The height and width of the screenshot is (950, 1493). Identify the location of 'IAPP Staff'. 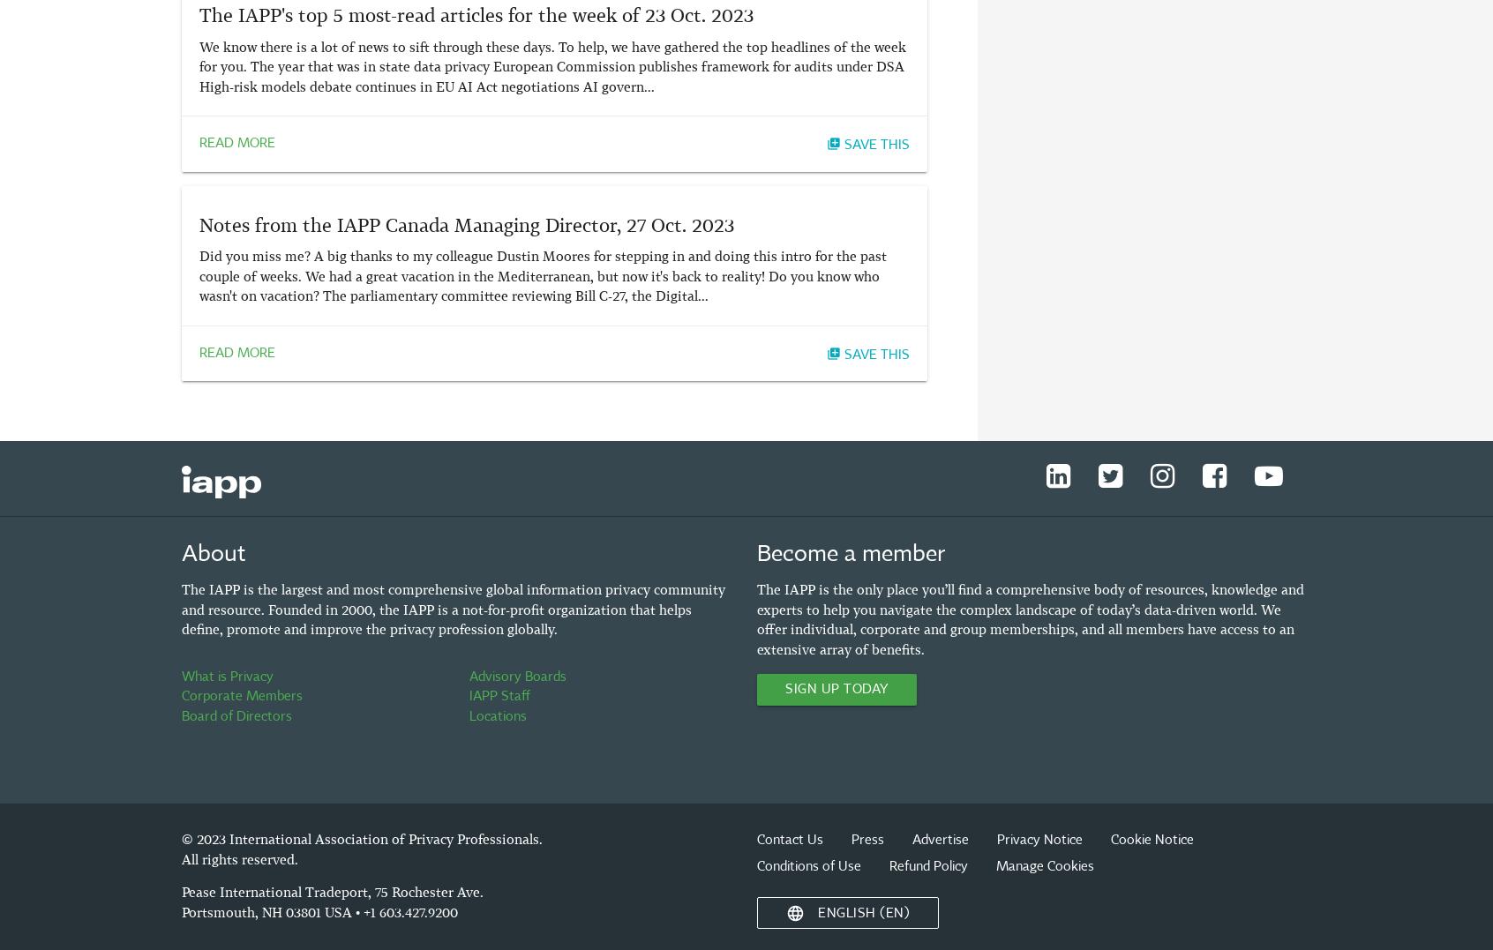
(499, 696).